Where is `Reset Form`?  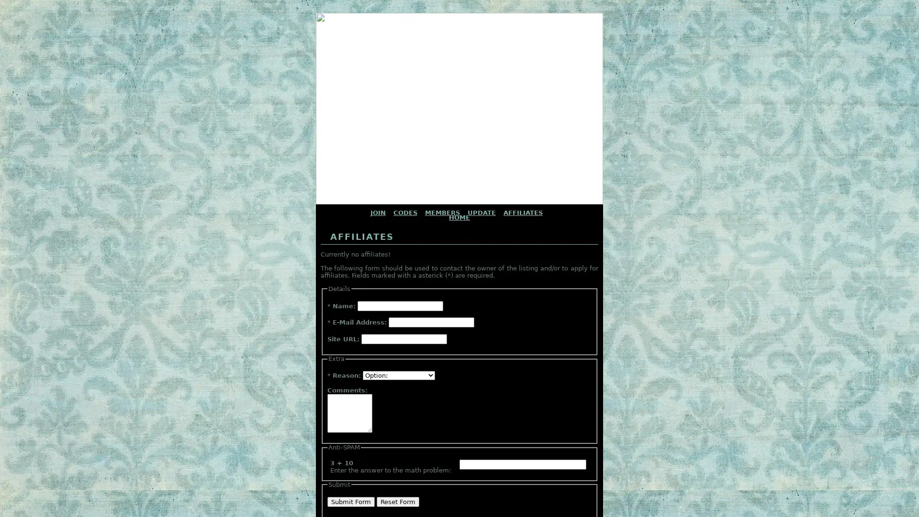
Reset Form is located at coordinates (398, 501).